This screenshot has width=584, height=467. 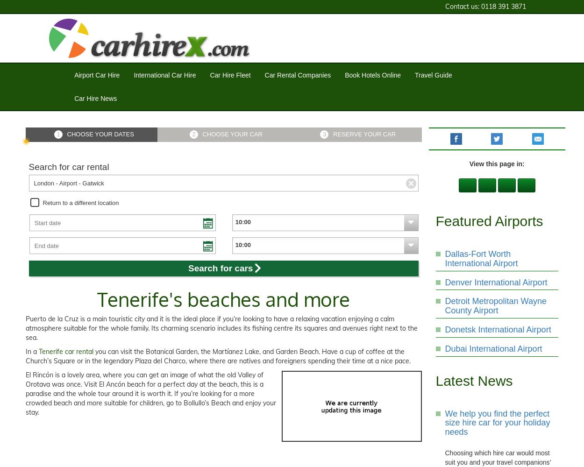 What do you see at coordinates (223, 299) in the screenshot?
I see `'Tenerife's beaches and more'` at bounding box center [223, 299].